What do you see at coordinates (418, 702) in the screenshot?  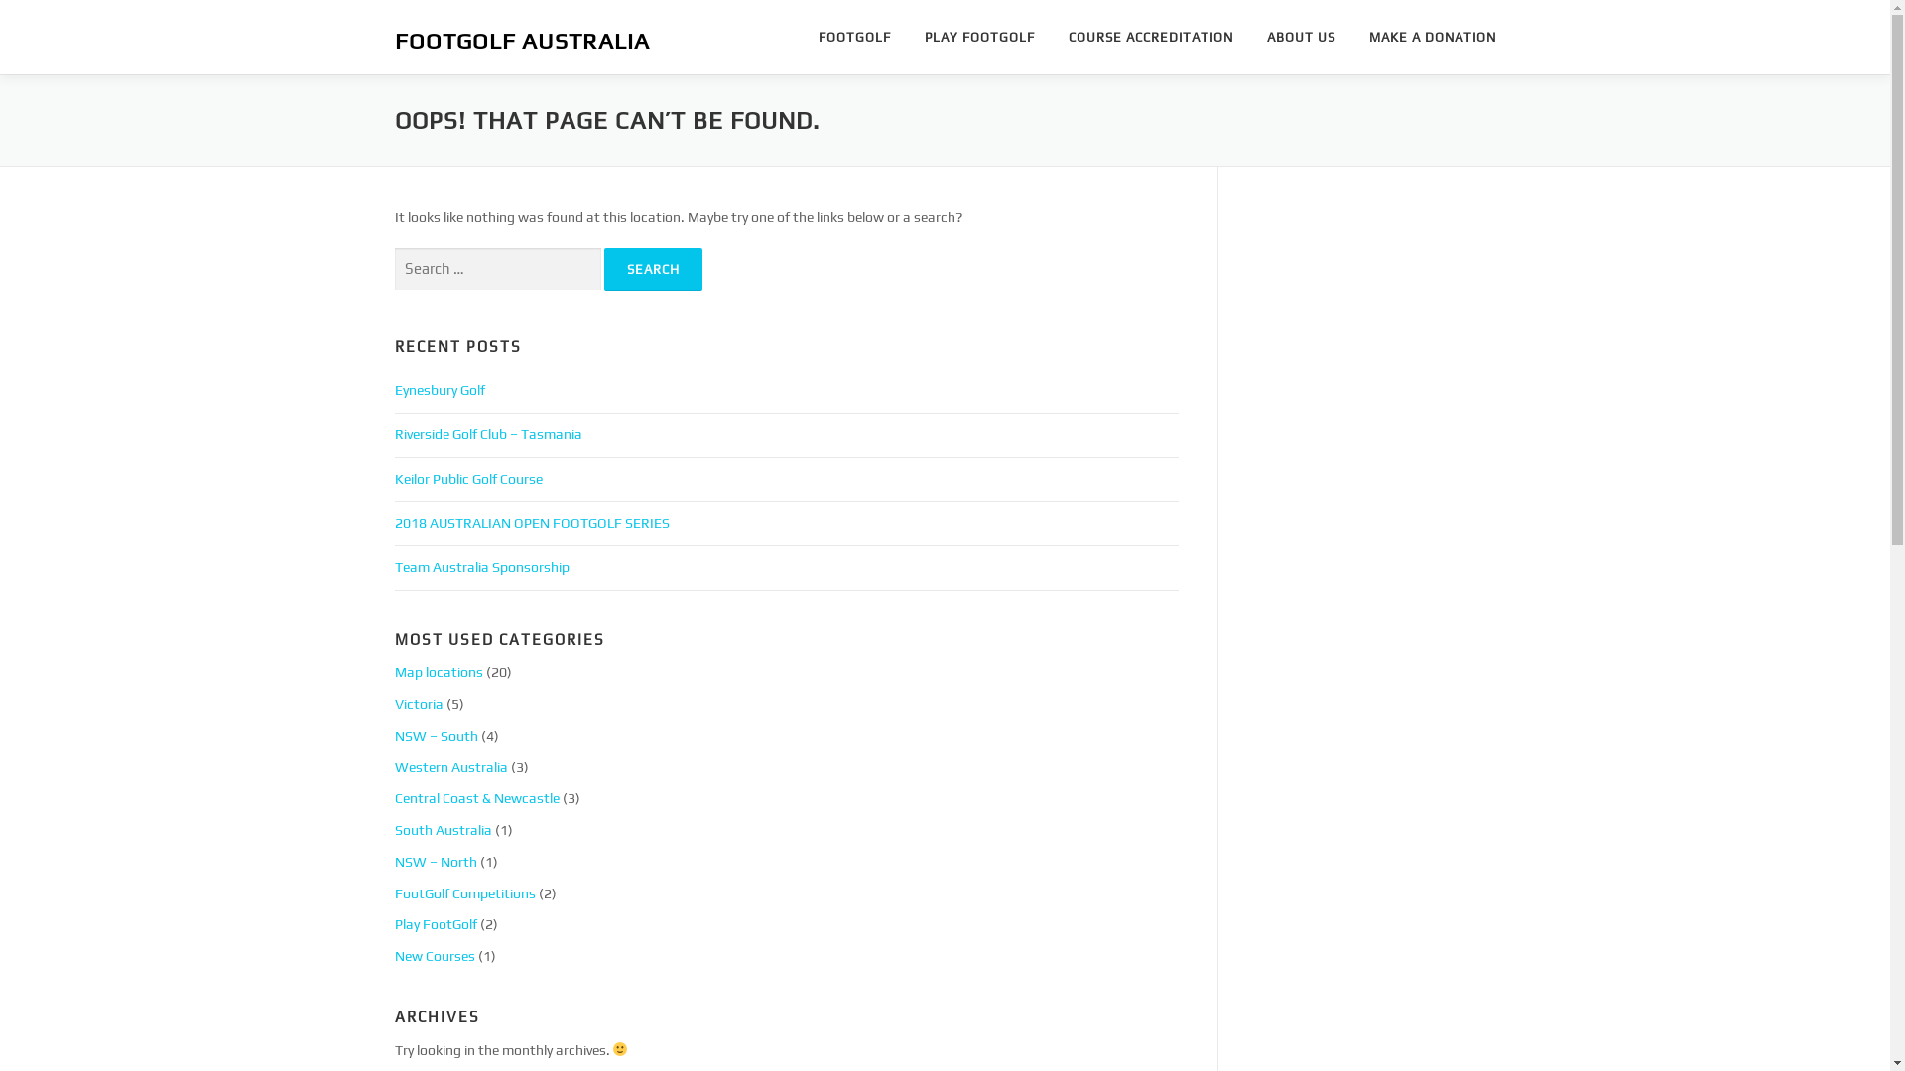 I see `'Victoria'` at bounding box center [418, 702].